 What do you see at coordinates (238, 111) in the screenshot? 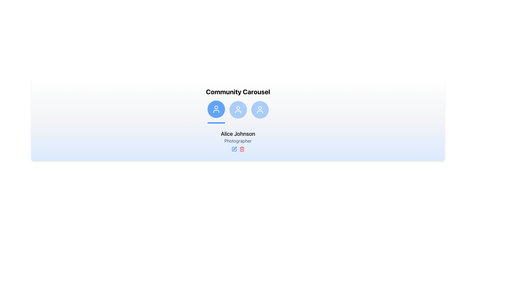
I see `the middle user profile icon in the Community Carousel` at bounding box center [238, 111].